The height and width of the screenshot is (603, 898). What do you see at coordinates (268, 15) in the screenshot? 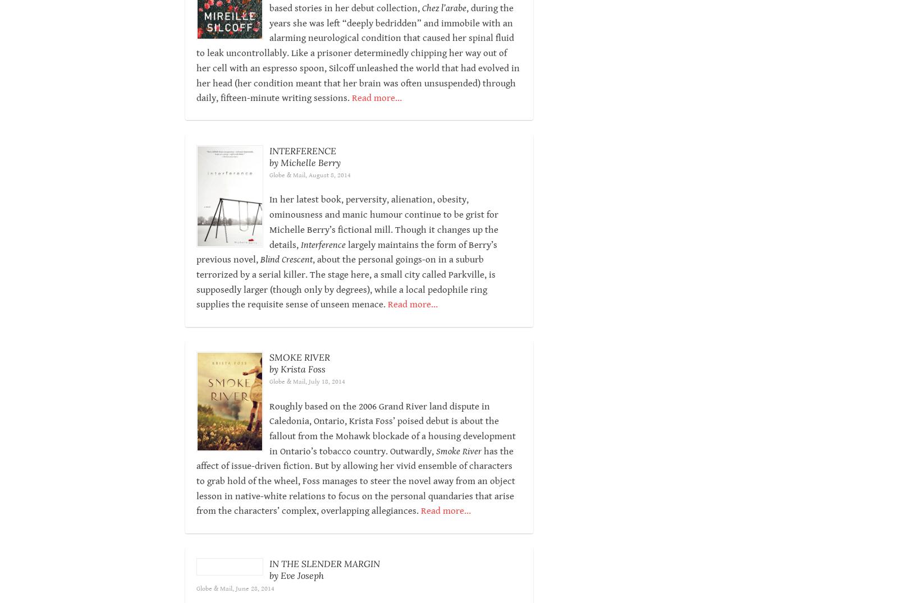
I see `'Journalist Mireille Silcoff began writing the nine Montreal-based stories in her debut collection,'` at bounding box center [268, 15].